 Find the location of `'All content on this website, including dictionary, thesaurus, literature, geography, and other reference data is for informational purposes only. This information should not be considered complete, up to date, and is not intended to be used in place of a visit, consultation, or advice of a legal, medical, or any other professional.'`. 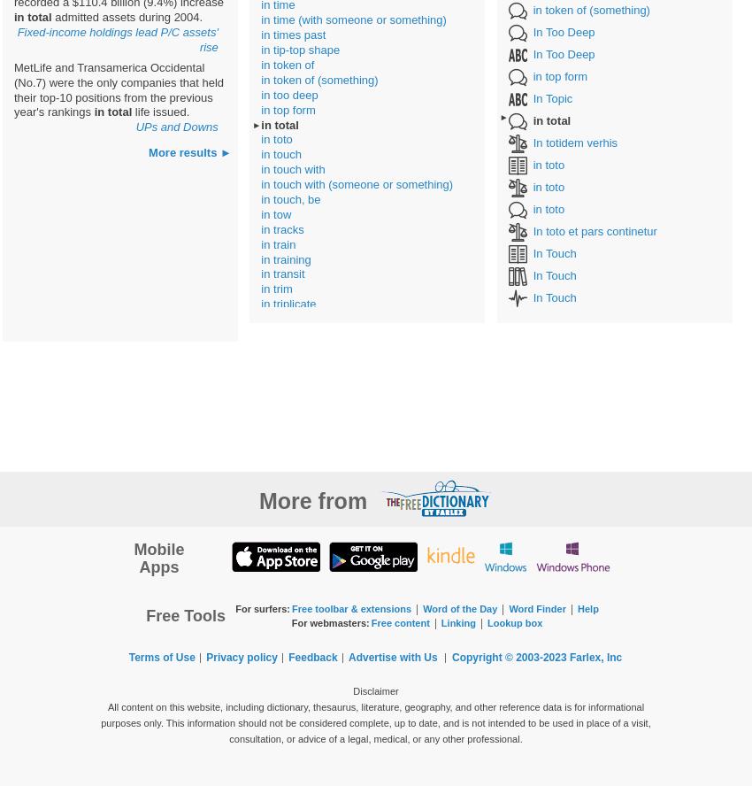

'All content on this website, including dictionary, thesaurus, literature, geography, and other reference data is for informational purposes only. This information should not be considered complete, up to date, and is not intended to be used in place of a visit, consultation, or advice of a legal, medical, or any other professional.' is located at coordinates (99, 722).